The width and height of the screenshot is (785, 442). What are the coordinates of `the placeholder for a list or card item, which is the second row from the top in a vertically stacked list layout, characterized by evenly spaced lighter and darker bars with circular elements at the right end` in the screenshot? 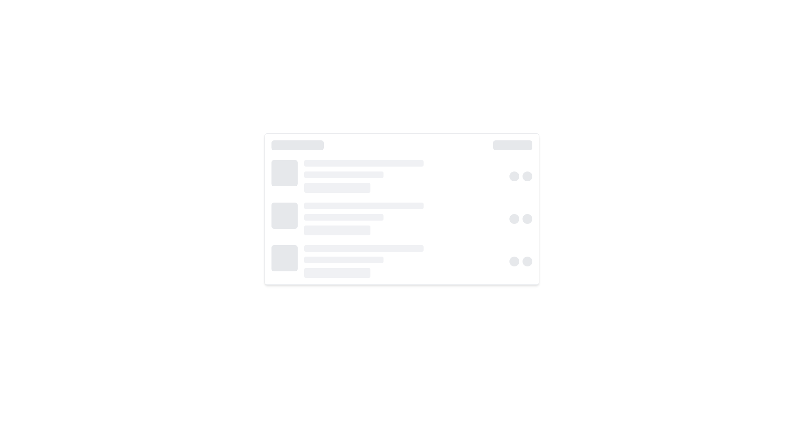 It's located at (402, 176).